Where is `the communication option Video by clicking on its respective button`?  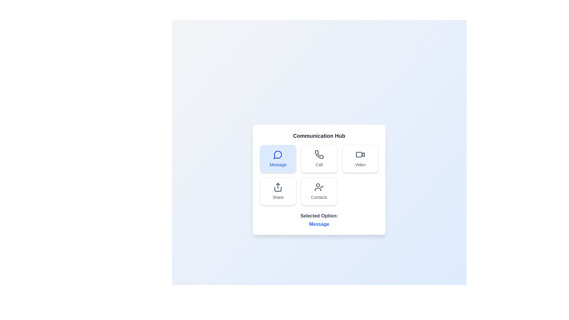 the communication option Video by clicking on its respective button is located at coordinates (360, 159).